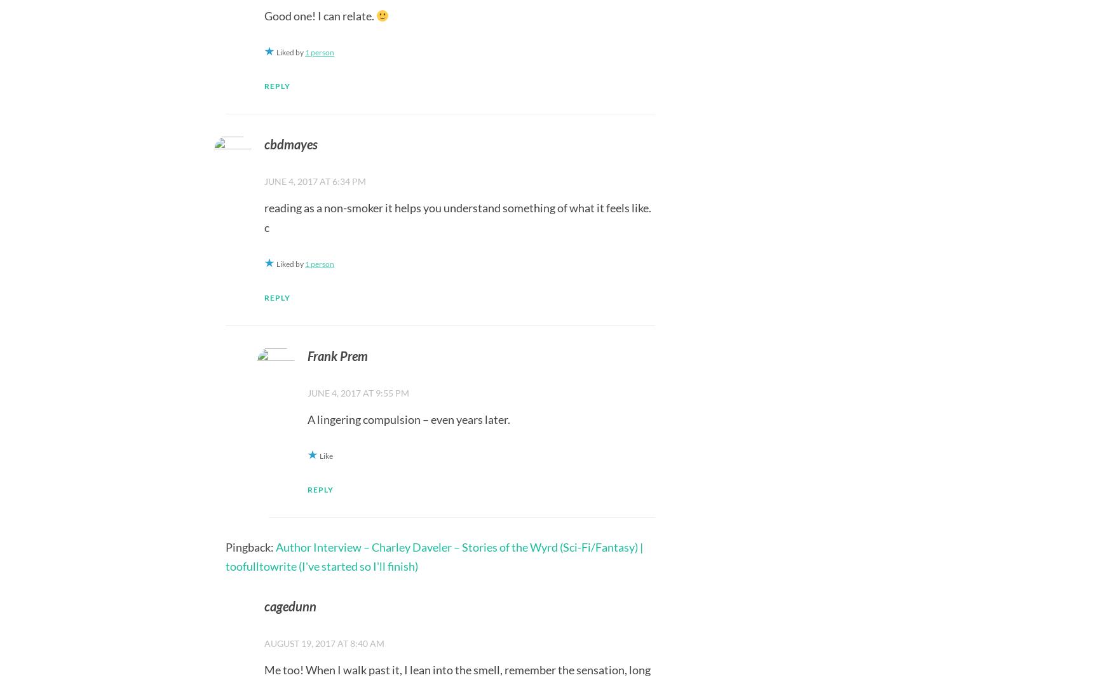 Image resolution: width=1112 pixels, height=680 pixels. I want to click on 'cbdmayes', so click(263, 143).